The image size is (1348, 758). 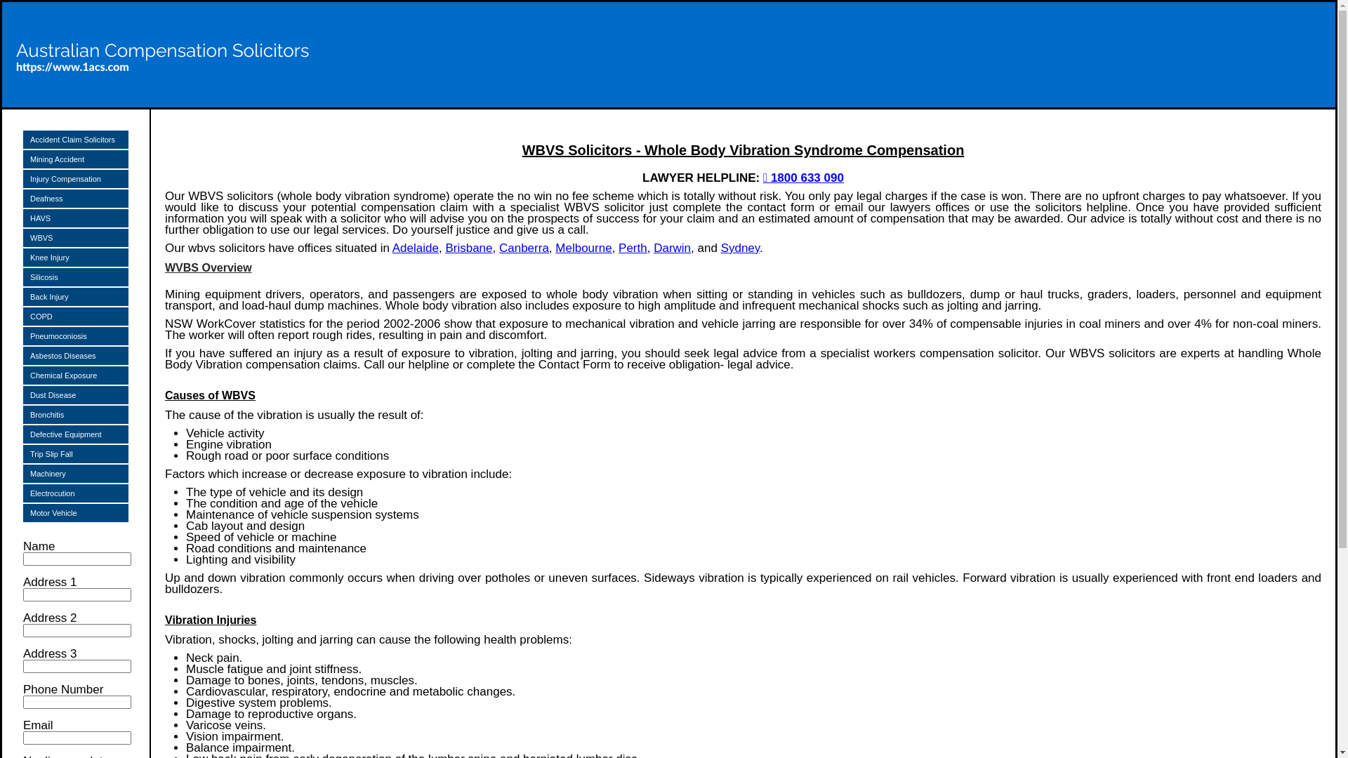 I want to click on 'Deafness', so click(x=23, y=198).